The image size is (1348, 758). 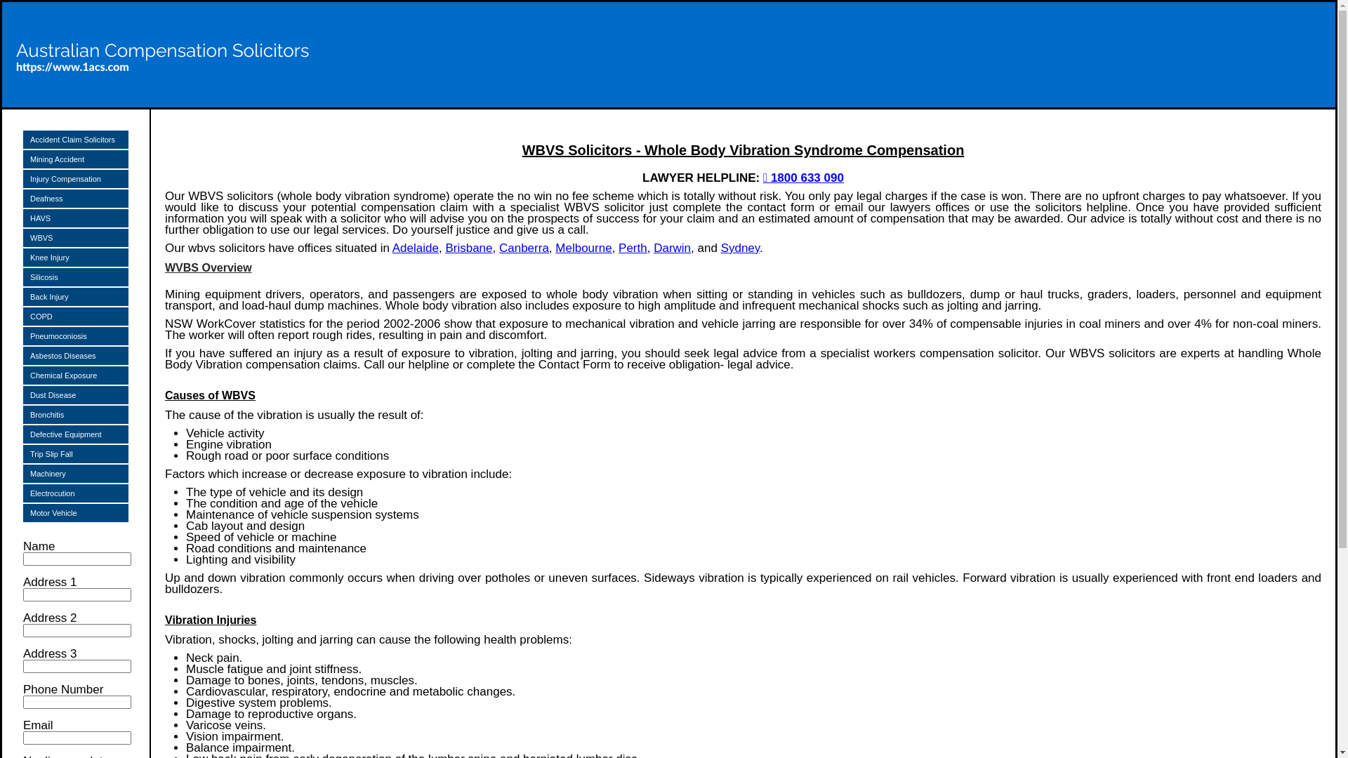 I want to click on 'Deafness', so click(x=23, y=198).